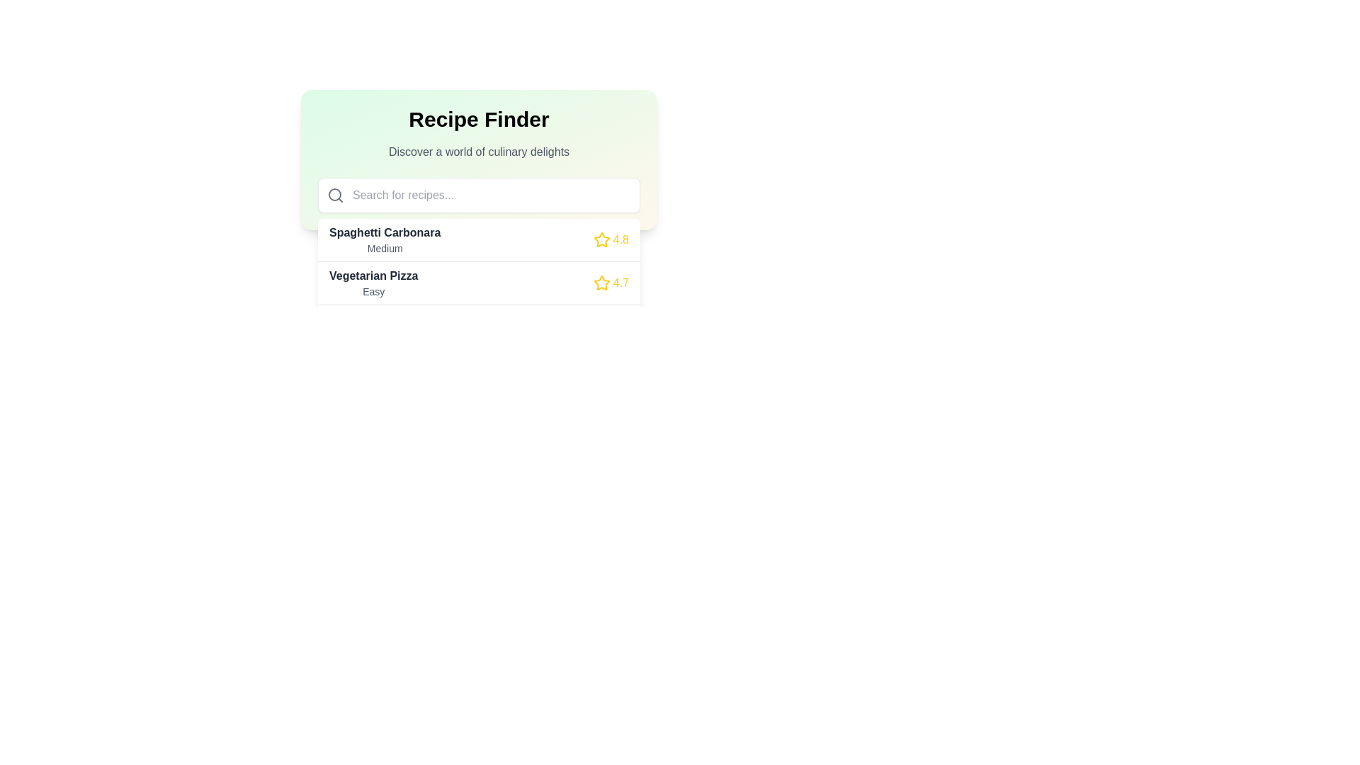 Image resolution: width=1360 pixels, height=765 pixels. I want to click on the Rating Indicator which consists of a yellow star icon and the numeric rating '4.8' for 'Spaghetti Carbonara Medium', so click(611, 239).